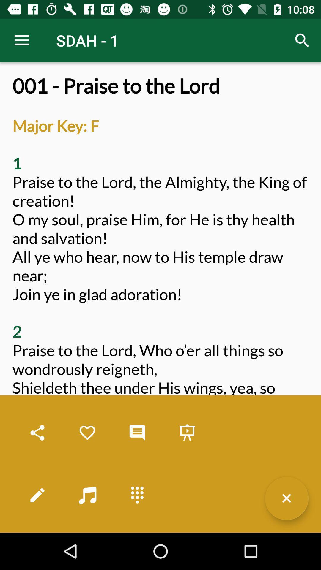 Image resolution: width=321 pixels, height=570 pixels. What do you see at coordinates (87, 433) in the screenshot?
I see `the favorite icon` at bounding box center [87, 433].